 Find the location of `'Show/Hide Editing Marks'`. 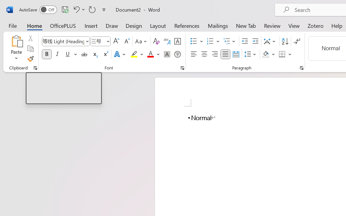

'Show/Hide Editing Marks' is located at coordinates (297, 41).